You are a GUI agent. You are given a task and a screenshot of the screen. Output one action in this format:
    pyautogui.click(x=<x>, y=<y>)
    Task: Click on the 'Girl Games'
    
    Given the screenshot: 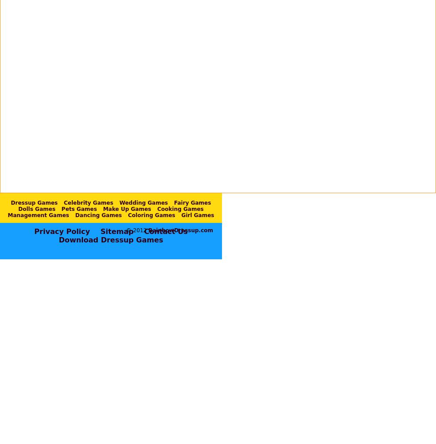 What is the action you would take?
    pyautogui.click(x=198, y=214)
    